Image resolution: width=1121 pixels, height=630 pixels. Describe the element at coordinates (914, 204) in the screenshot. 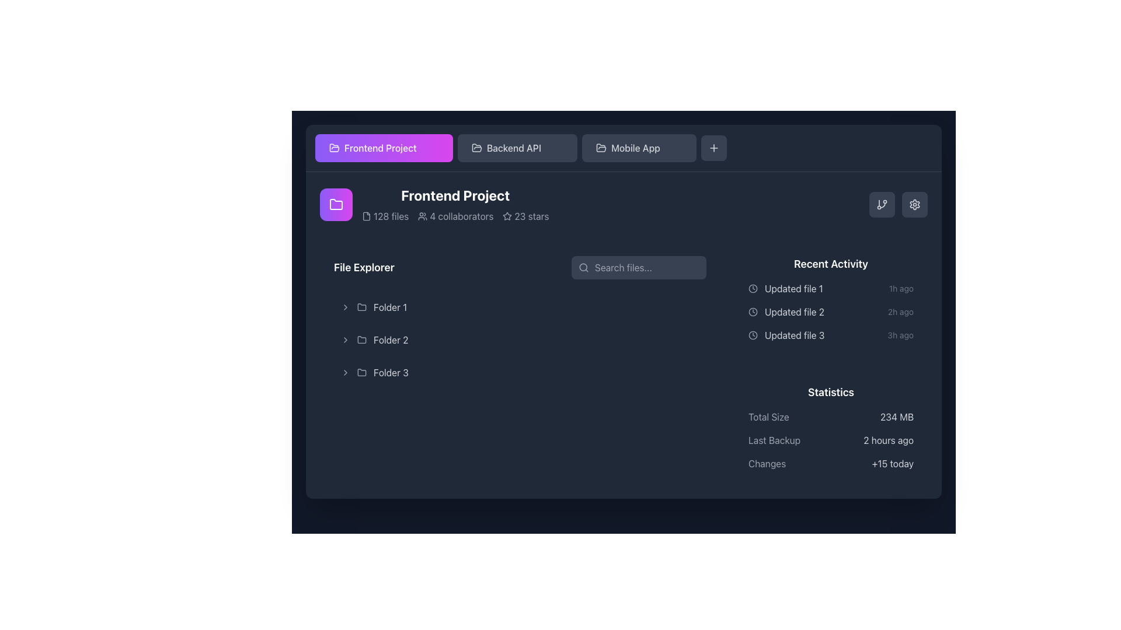

I see `the gear icon button located in the upper-right corner of the interface` at that location.